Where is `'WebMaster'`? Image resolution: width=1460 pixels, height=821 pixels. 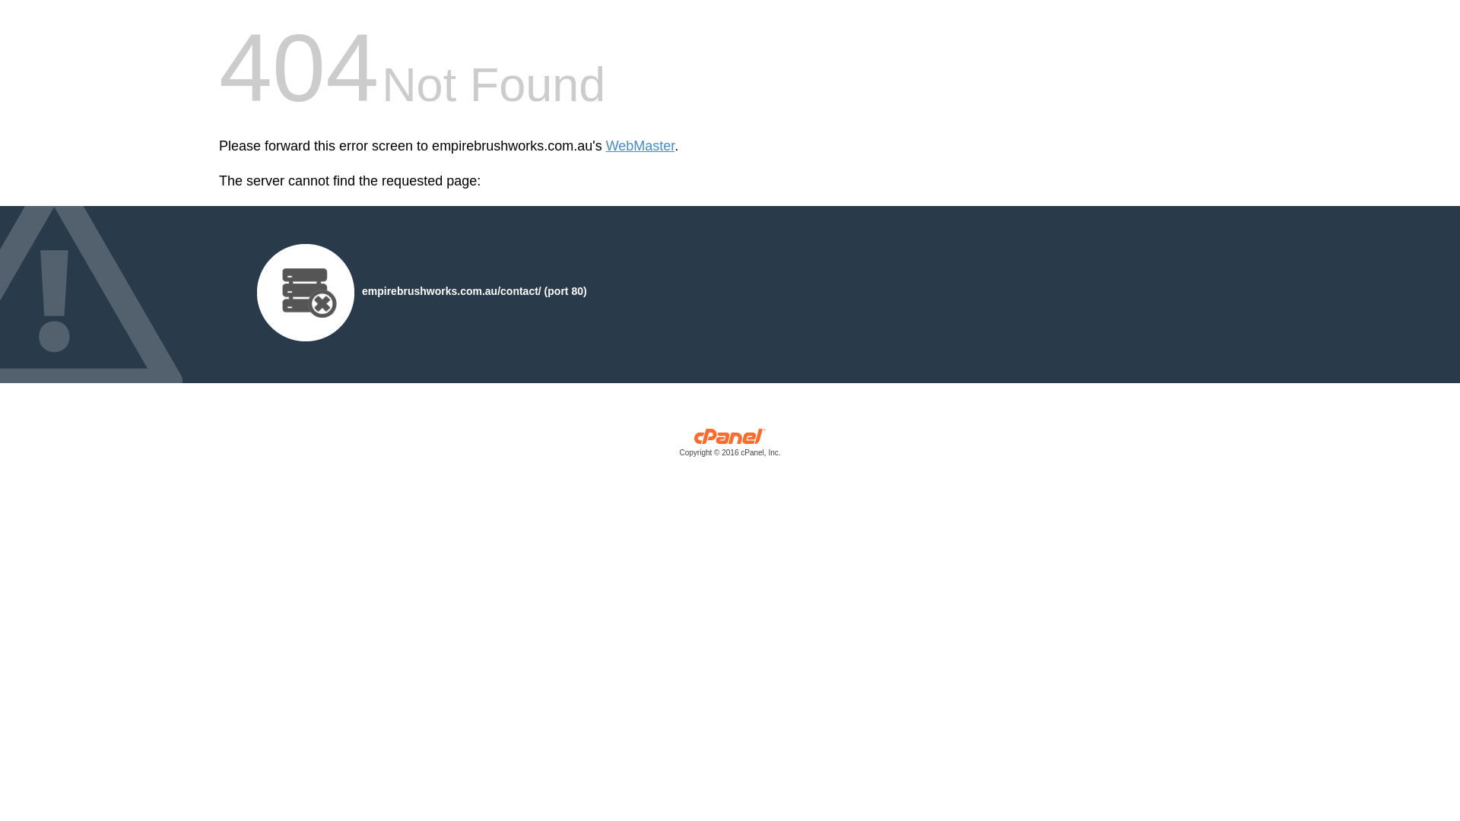 'WebMaster' is located at coordinates (640, 146).